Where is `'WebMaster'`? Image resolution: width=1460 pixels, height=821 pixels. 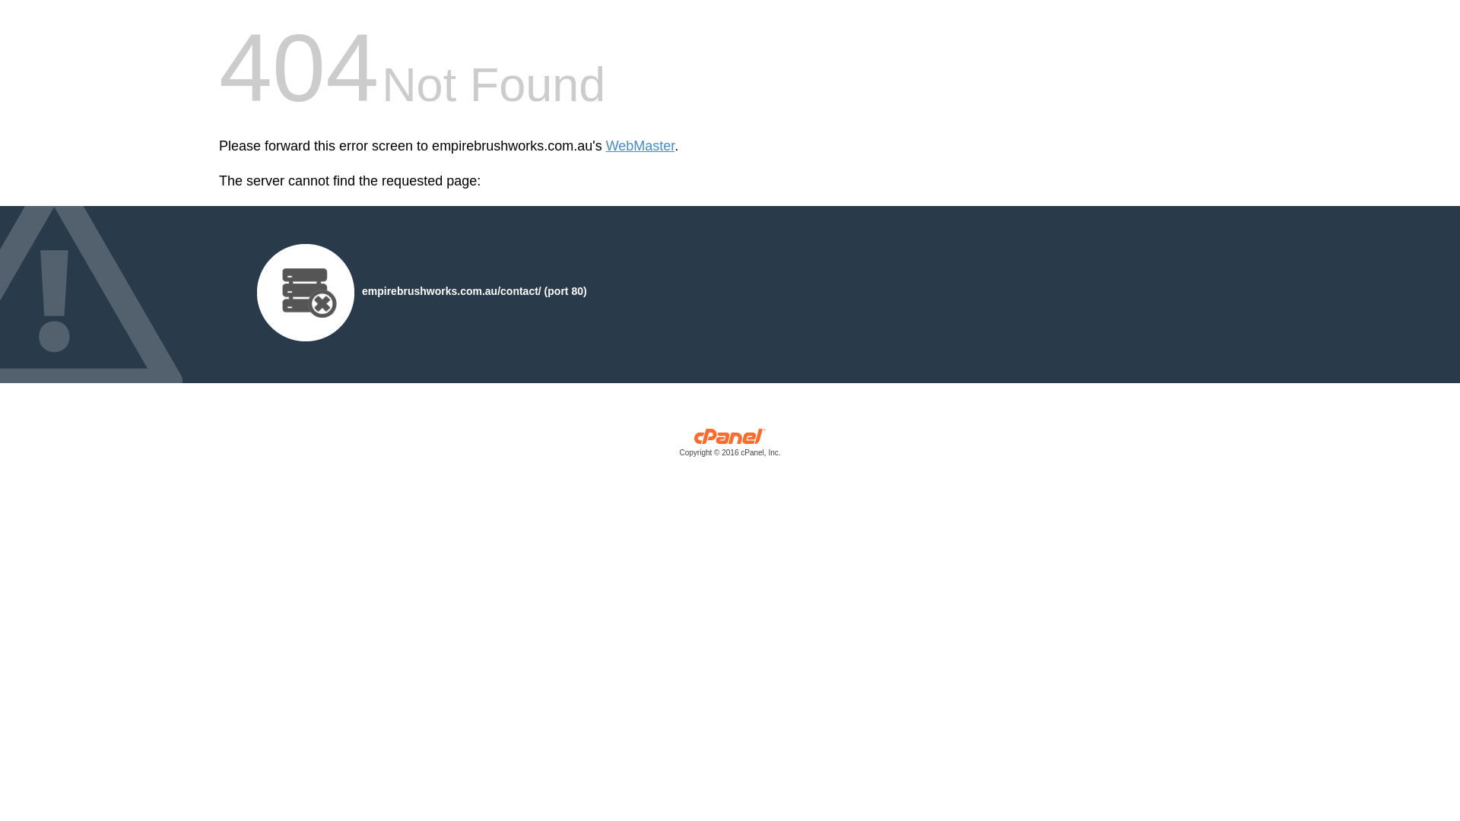 'WebMaster' is located at coordinates (640, 146).